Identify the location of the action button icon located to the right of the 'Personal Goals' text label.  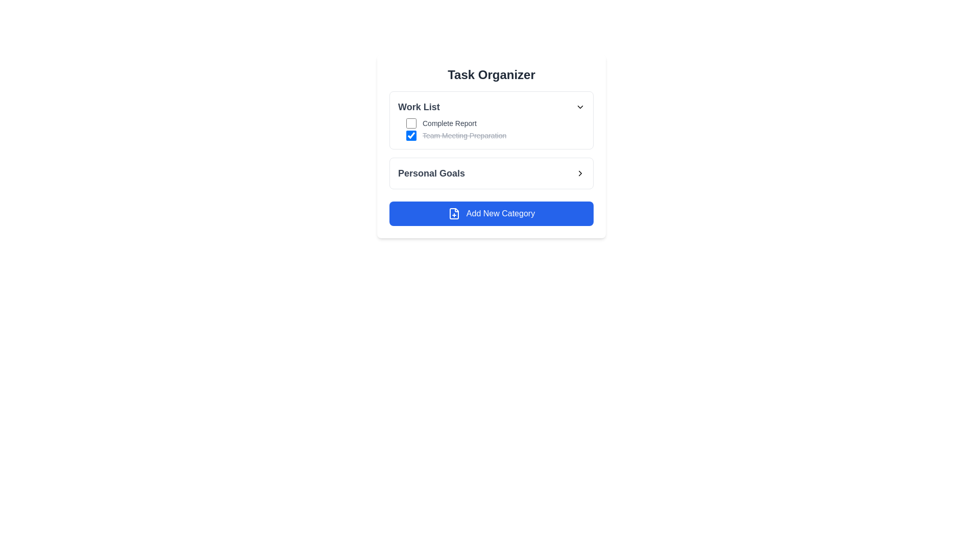
(580, 172).